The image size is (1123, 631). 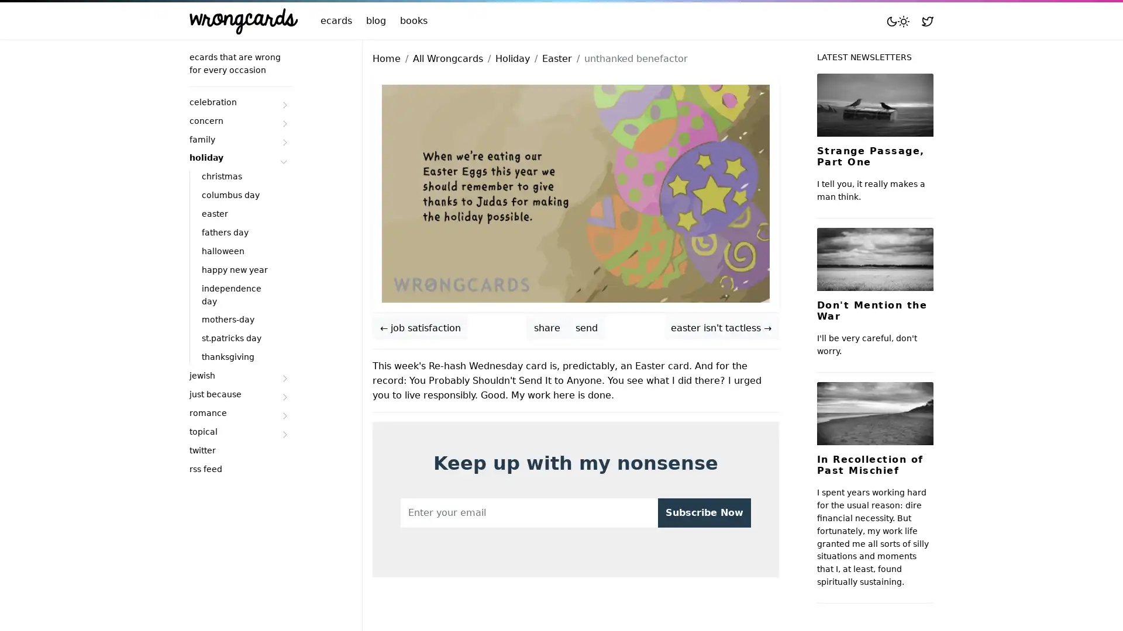 What do you see at coordinates (546, 328) in the screenshot?
I see `share` at bounding box center [546, 328].